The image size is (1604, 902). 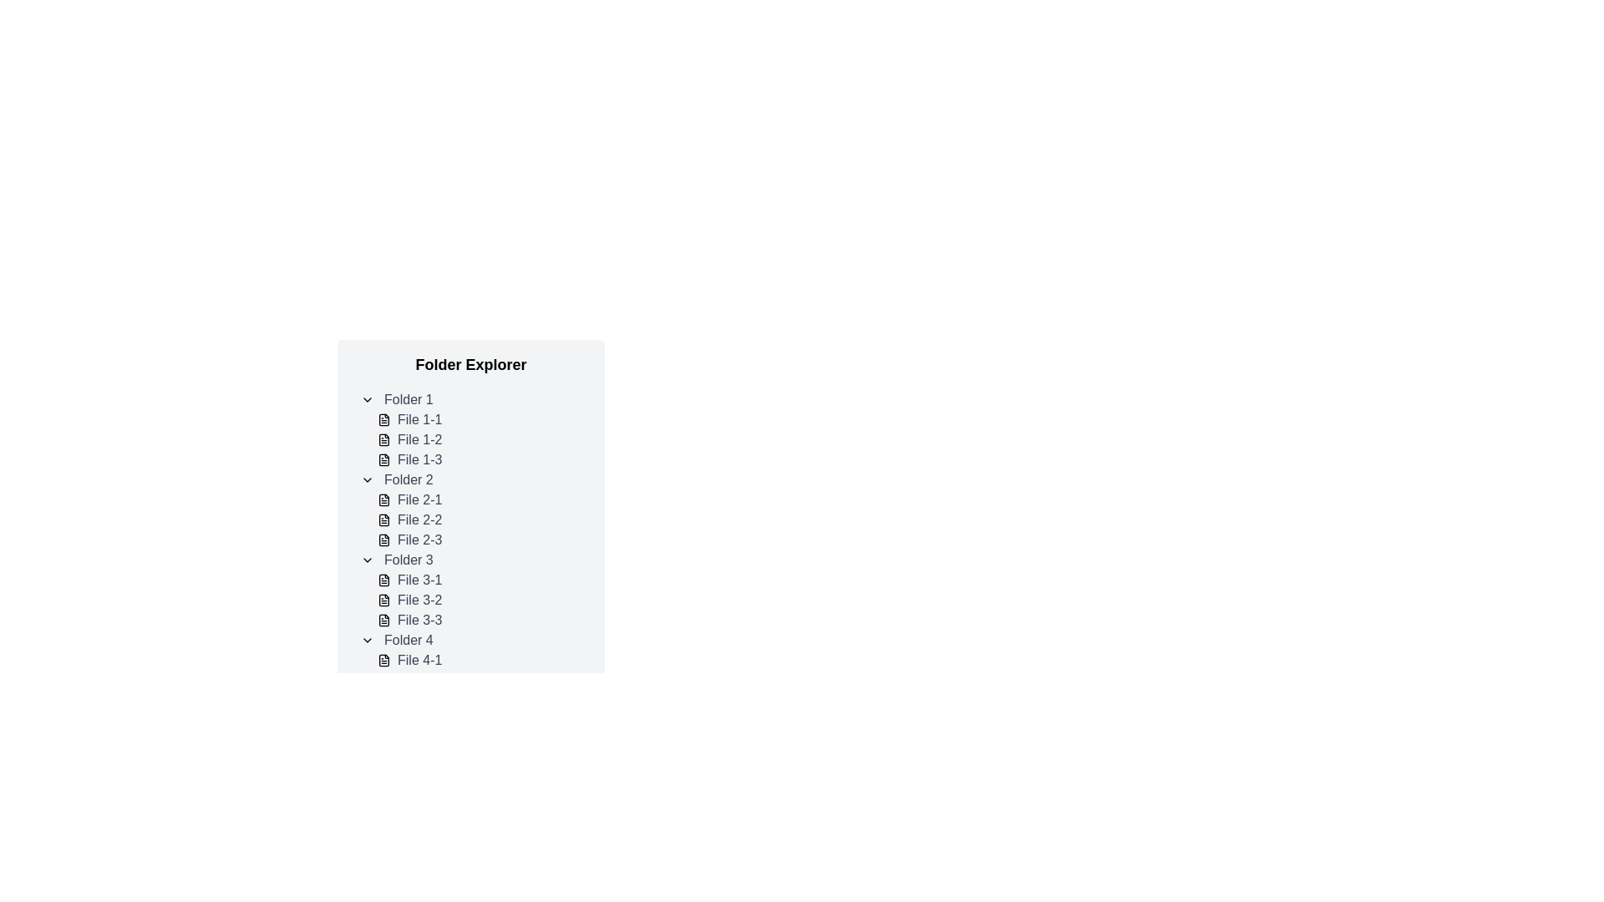 I want to click on the File icon for 'File 4-1' located under 'Folder 4', so click(x=383, y=659).